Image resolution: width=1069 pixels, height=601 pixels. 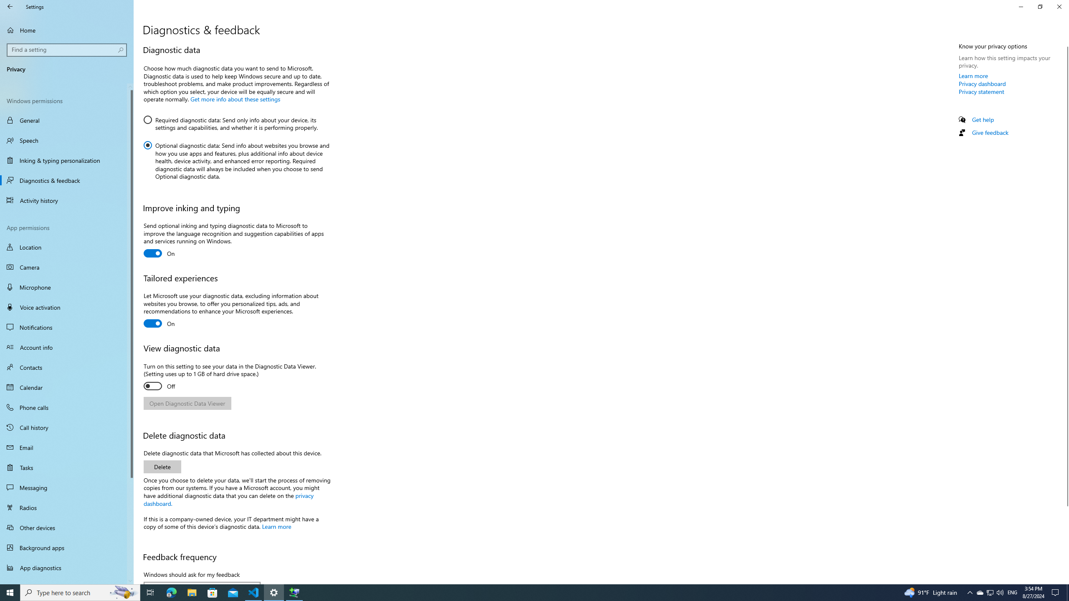 What do you see at coordinates (66, 307) in the screenshot?
I see `'Voice activation'` at bounding box center [66, 307].